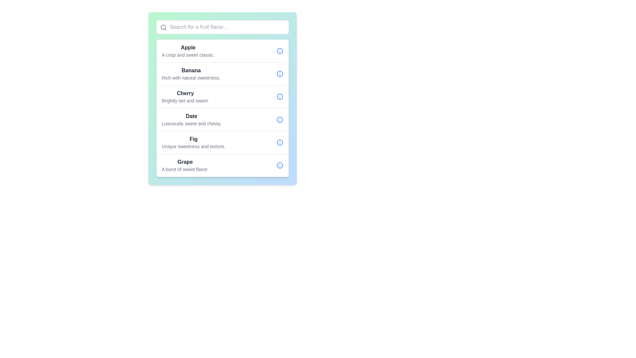  I want to click on the informational icon located in the rightmost position of the row labeled 'Fig Unique sweetness and texture.', so click(280, 142).